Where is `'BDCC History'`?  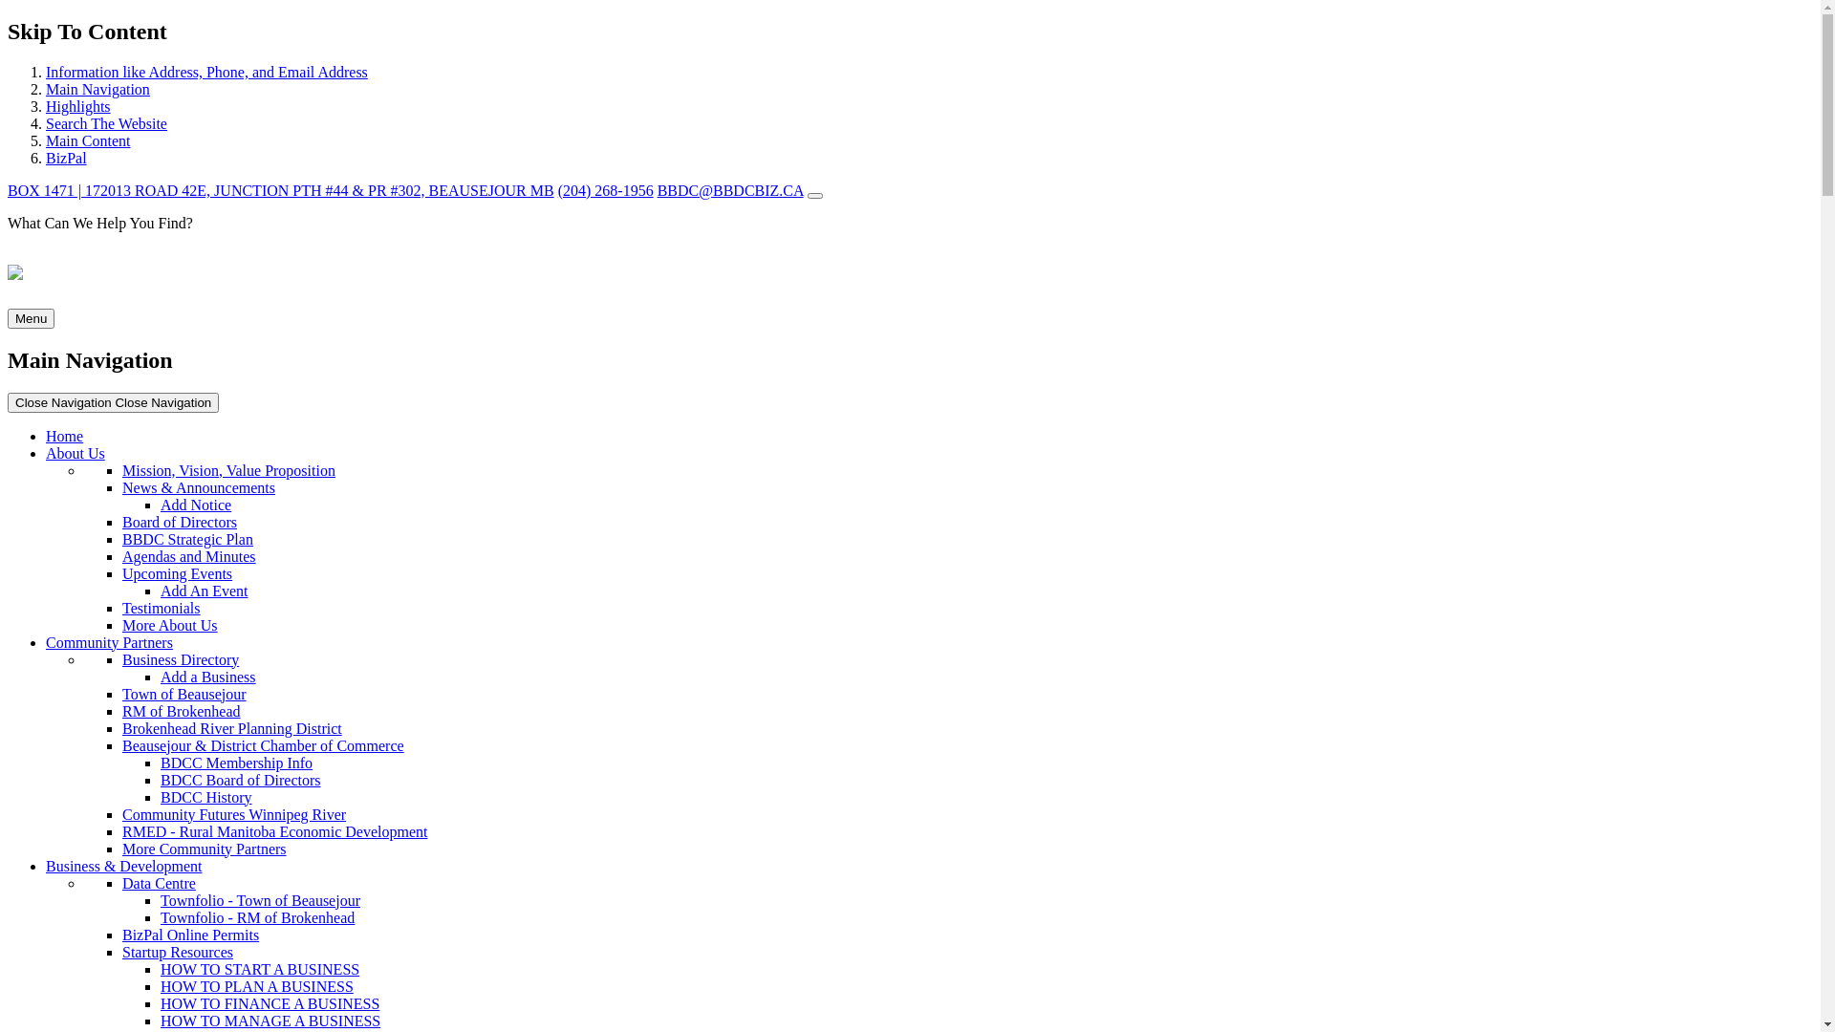
'BDCC History' is located at coordinates (206, 797).